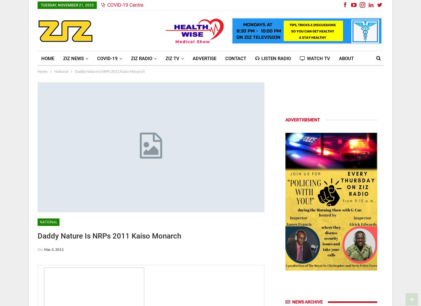 This screenshot has width=421, height=306. Describe the element at coordinates (67, 5) in the screenshot. I see `'Tuesday, November 21, 2023'` at that location.